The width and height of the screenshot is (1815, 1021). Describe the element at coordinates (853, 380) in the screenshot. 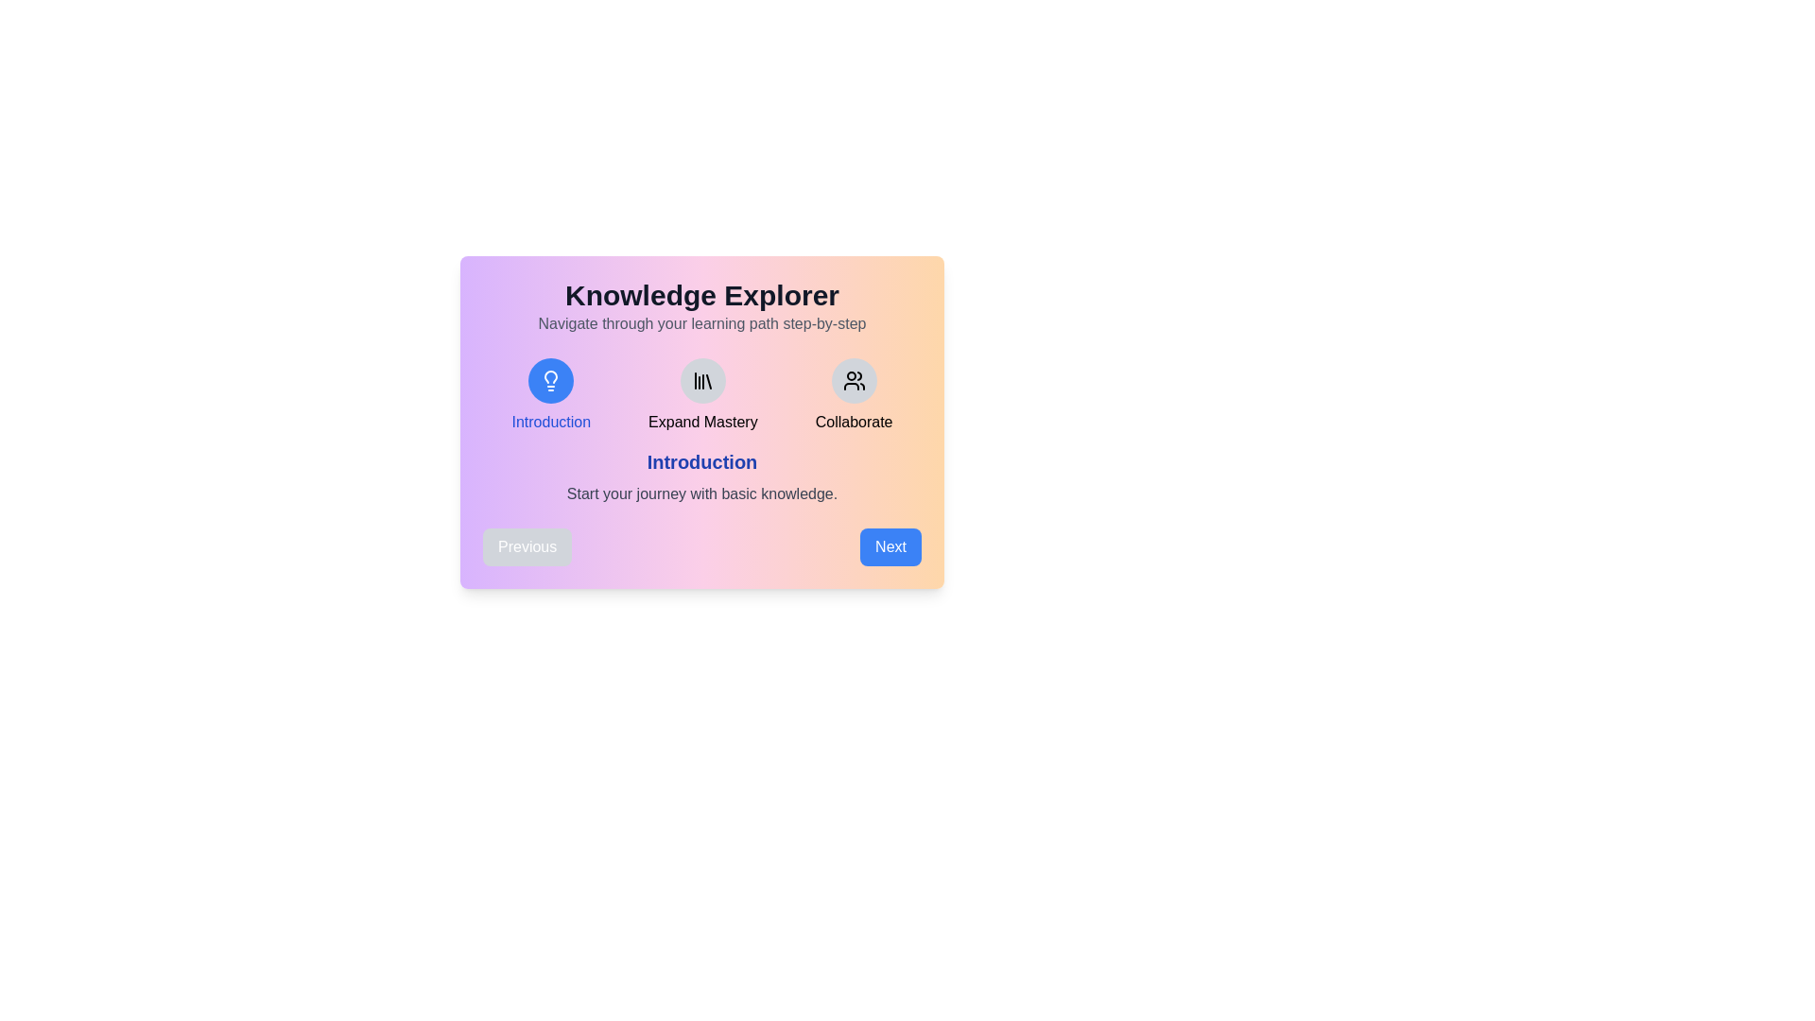

I see `the icon representing the step Collaborate` at that location.